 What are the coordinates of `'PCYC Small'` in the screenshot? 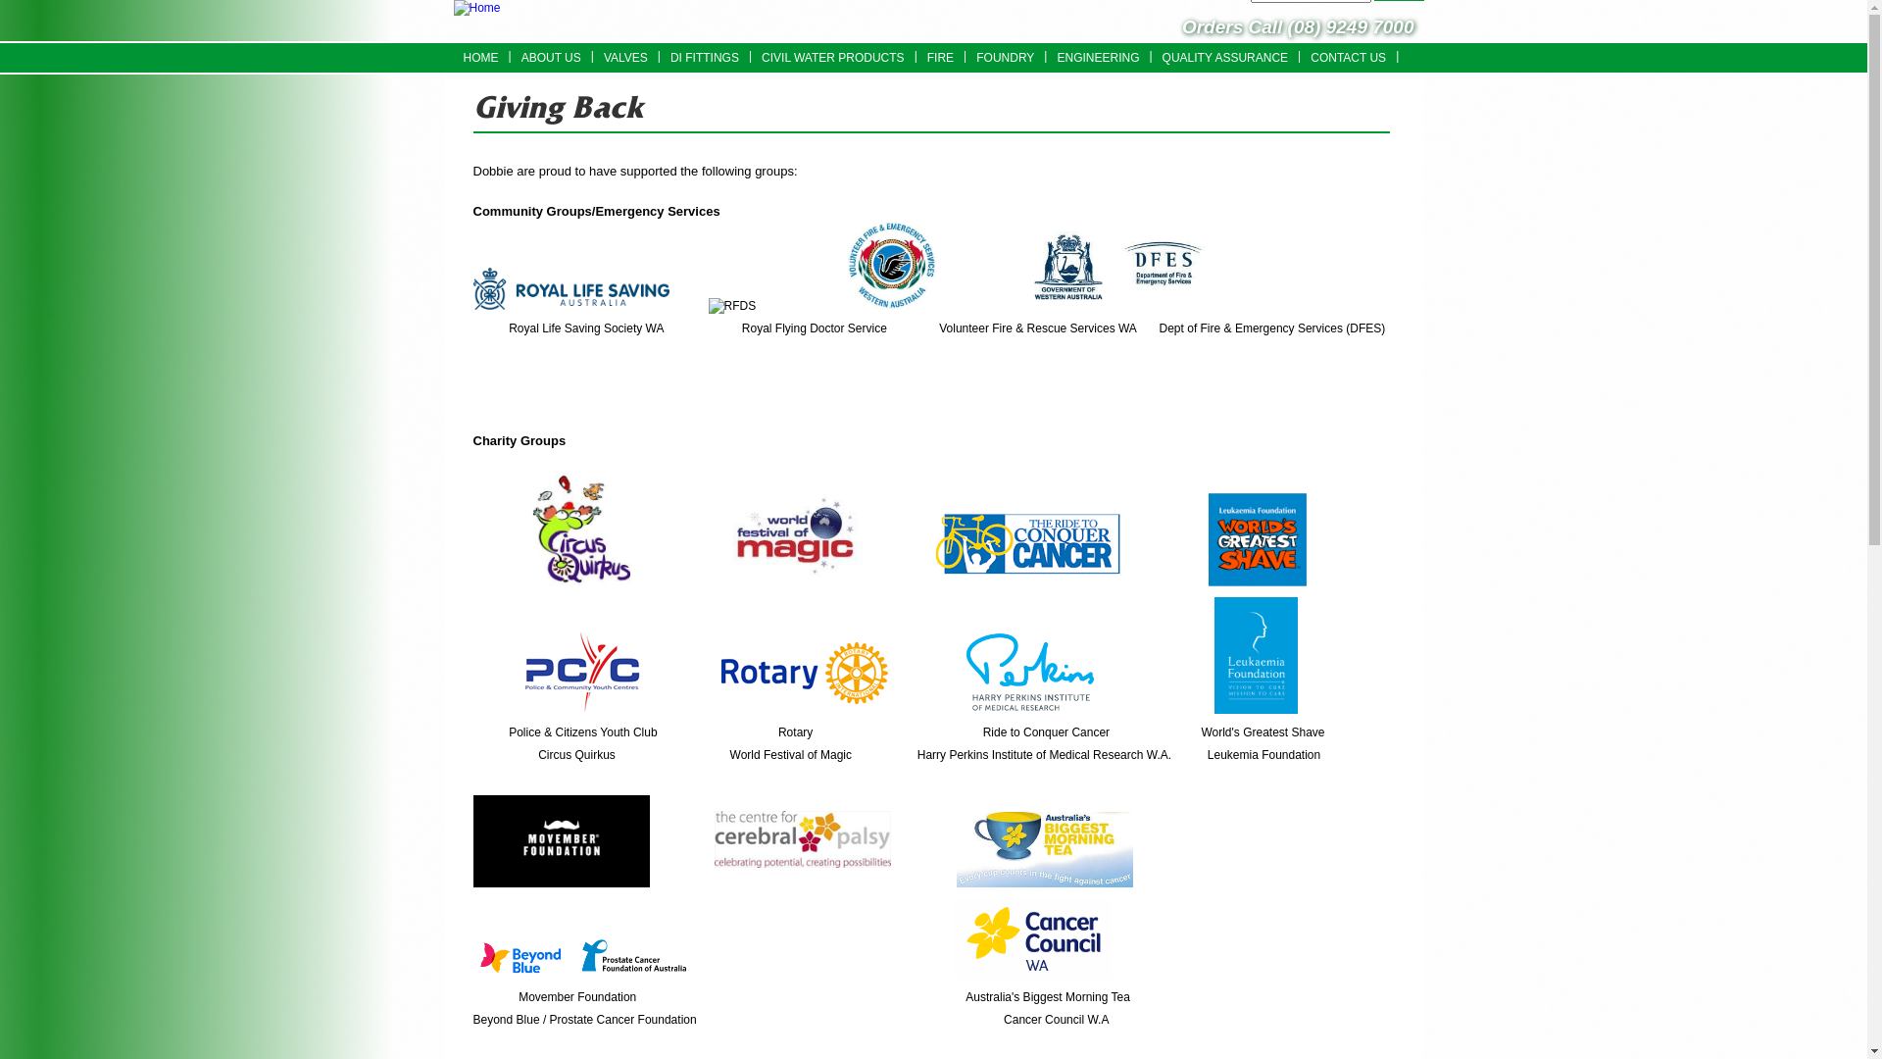 It's located at (581, 671).